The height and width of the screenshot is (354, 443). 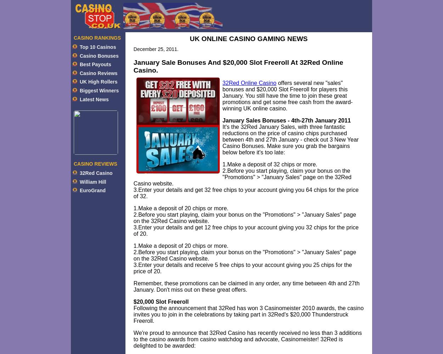 What do you see at coordinates (79, 173) in the screenshot?
I see `'32Red Casino'` at bounding box center [79, 173].